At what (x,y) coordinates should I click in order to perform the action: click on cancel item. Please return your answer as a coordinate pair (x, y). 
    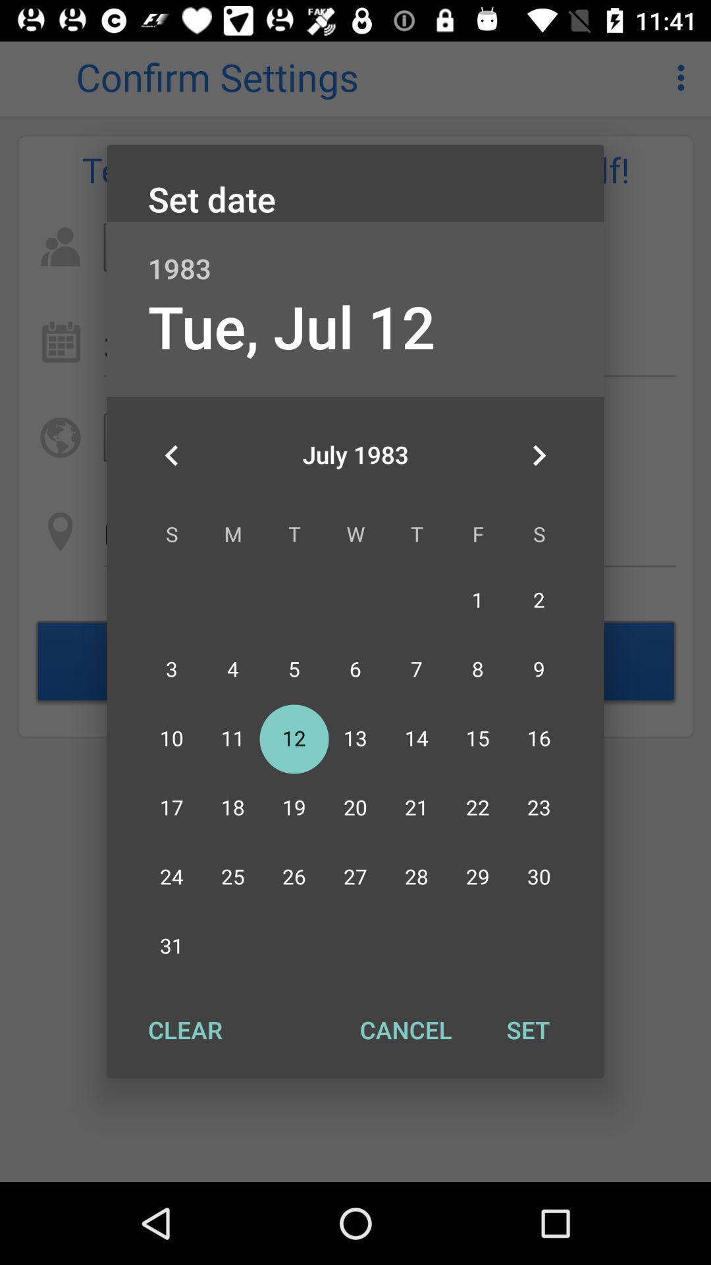
    Looking at the image, I should click on (405, 1029).